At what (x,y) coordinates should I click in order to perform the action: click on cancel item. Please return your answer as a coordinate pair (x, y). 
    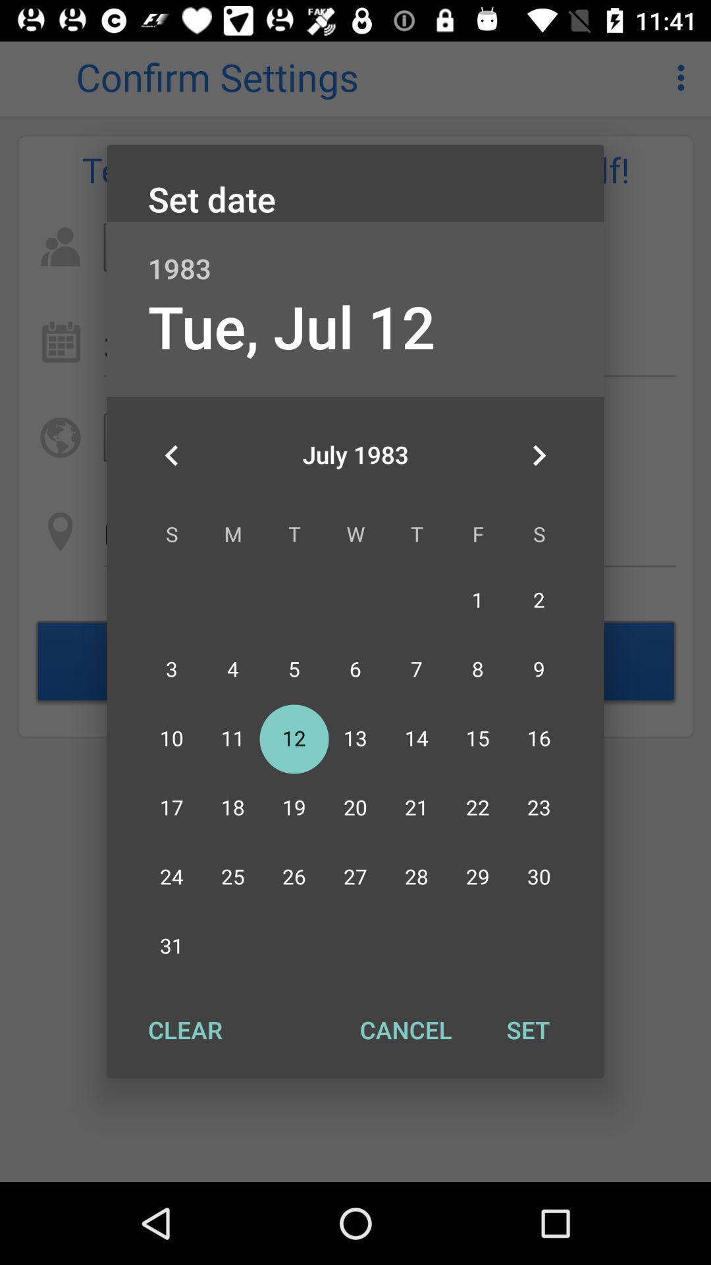
    Looking at the image, I should click on (405, 1029).